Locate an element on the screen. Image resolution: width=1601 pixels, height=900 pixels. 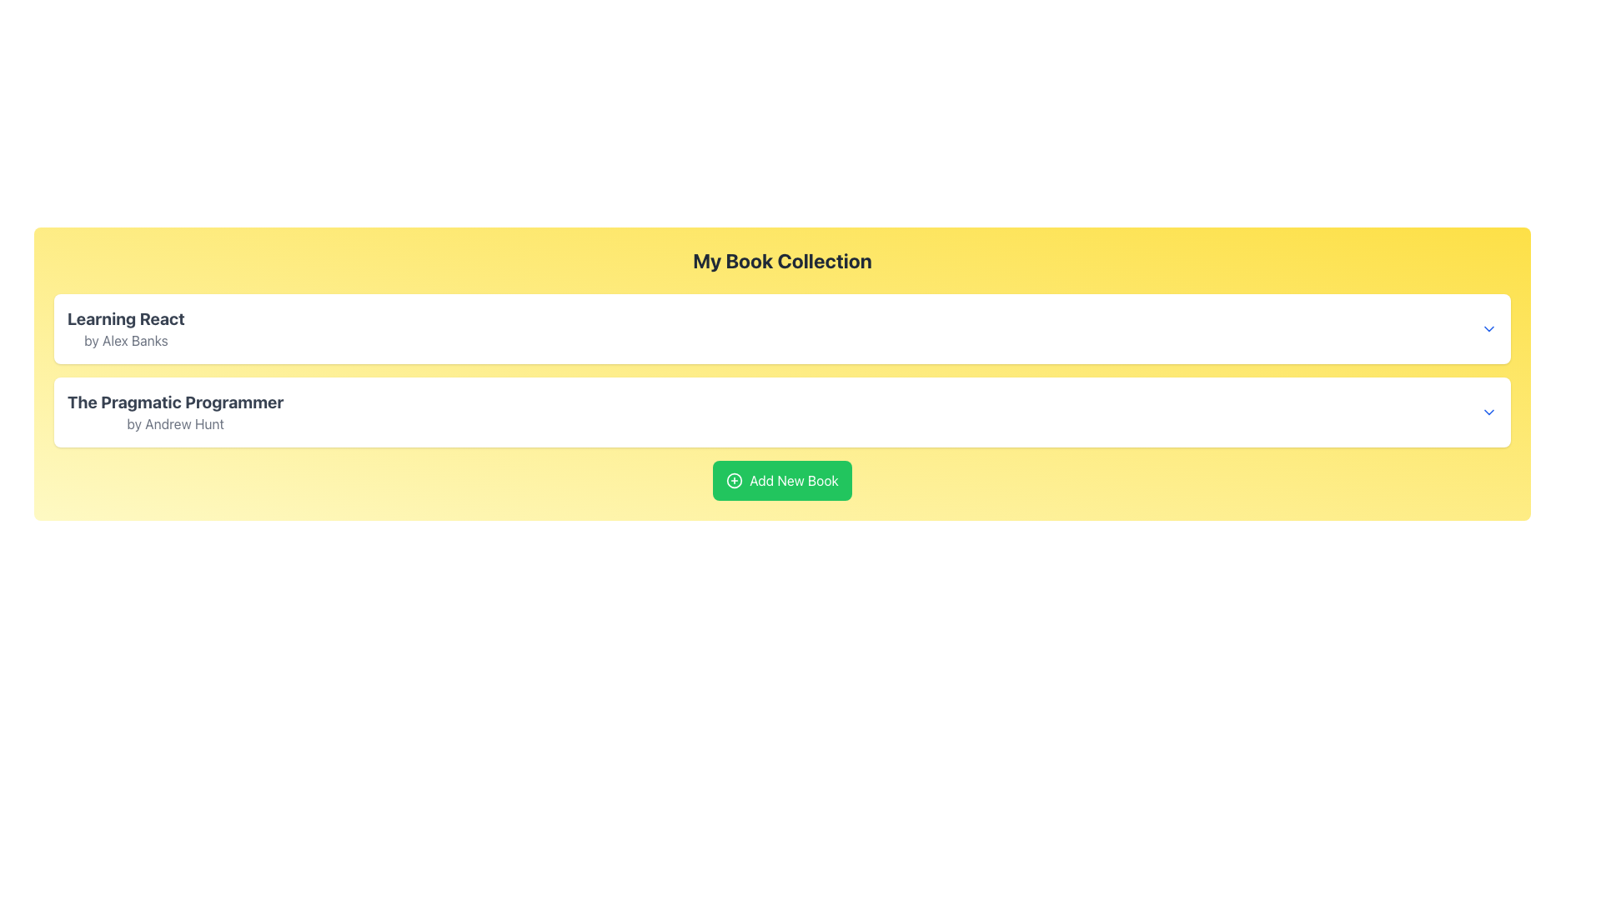
the text label reading 'The Pragmatic Programmer', which is styled with a bold font and dark gray color, positioned above the author name 'by Andrew Hunt' in the book list under 'My Book Collection' is located at coordinates (175, 402).